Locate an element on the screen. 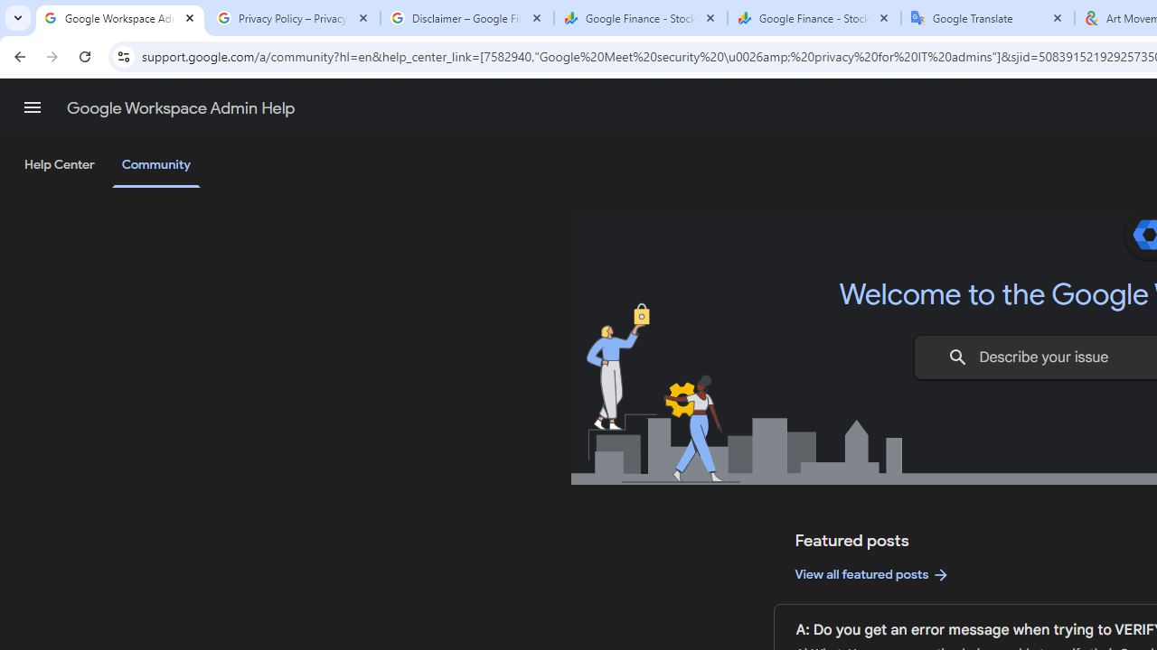 This screenshot has height=650, width=1157. 'Help Center' is located at coordinates (59, 165).